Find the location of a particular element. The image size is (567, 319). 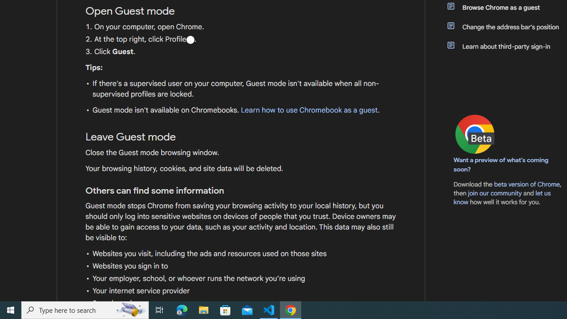

'Chrome Beta logo' is located at coordinates (474, 134).